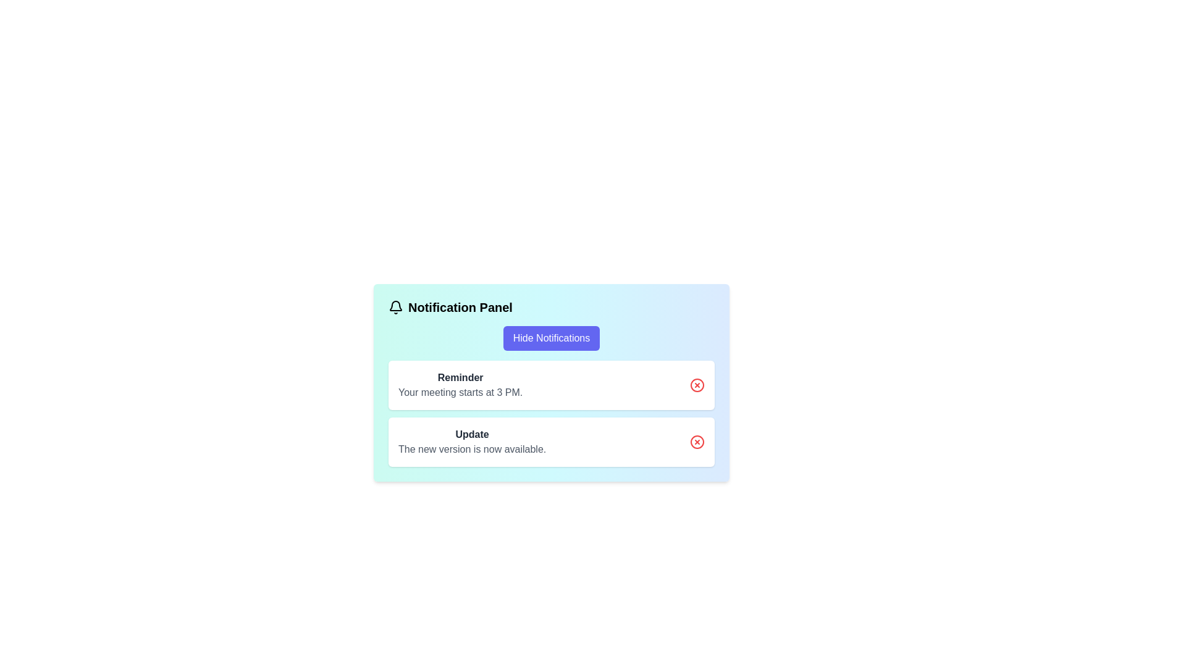  Describe the element at coordinates (697, 385) in the screenshot. I see `the outer circular boundary of the close button located in the top-right corner of the 'Reminder' notification card` at that location.